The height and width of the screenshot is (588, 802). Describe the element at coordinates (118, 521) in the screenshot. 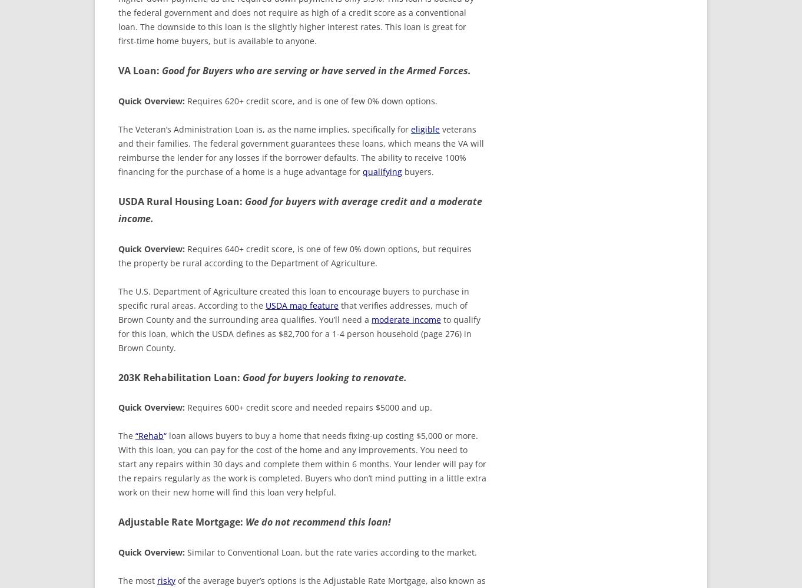

I see `'Adjustable Rate Mortgage:'` at that location.